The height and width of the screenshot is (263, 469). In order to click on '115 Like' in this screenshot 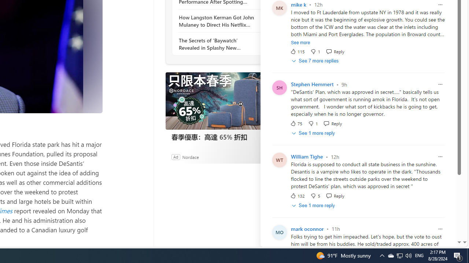, I will do `click(297, 51)`.